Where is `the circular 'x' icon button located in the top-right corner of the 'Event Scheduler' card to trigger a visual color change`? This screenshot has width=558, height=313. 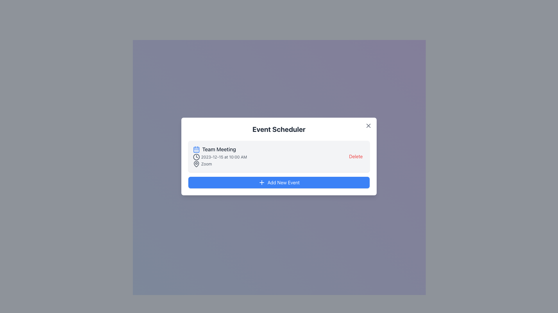 the circular 'x' icon button located in the top-right corner of the 'Event Scheduler' card to trigger a visual color change is located at coordinates (368, 125).